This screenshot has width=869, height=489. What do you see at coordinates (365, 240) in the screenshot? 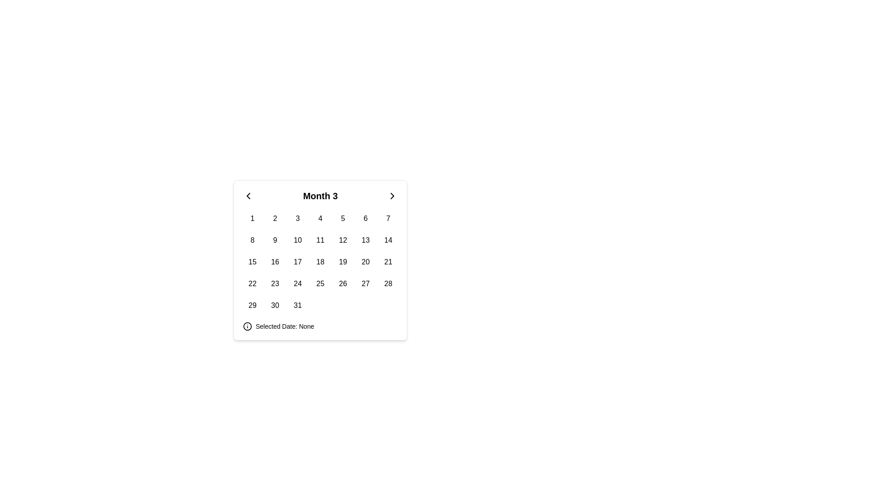
I see `the square-shaped button displaying the numeral '13' in the second row and sixth column of a grid under the title 'Month 3'` at bounding box center [365, 240].